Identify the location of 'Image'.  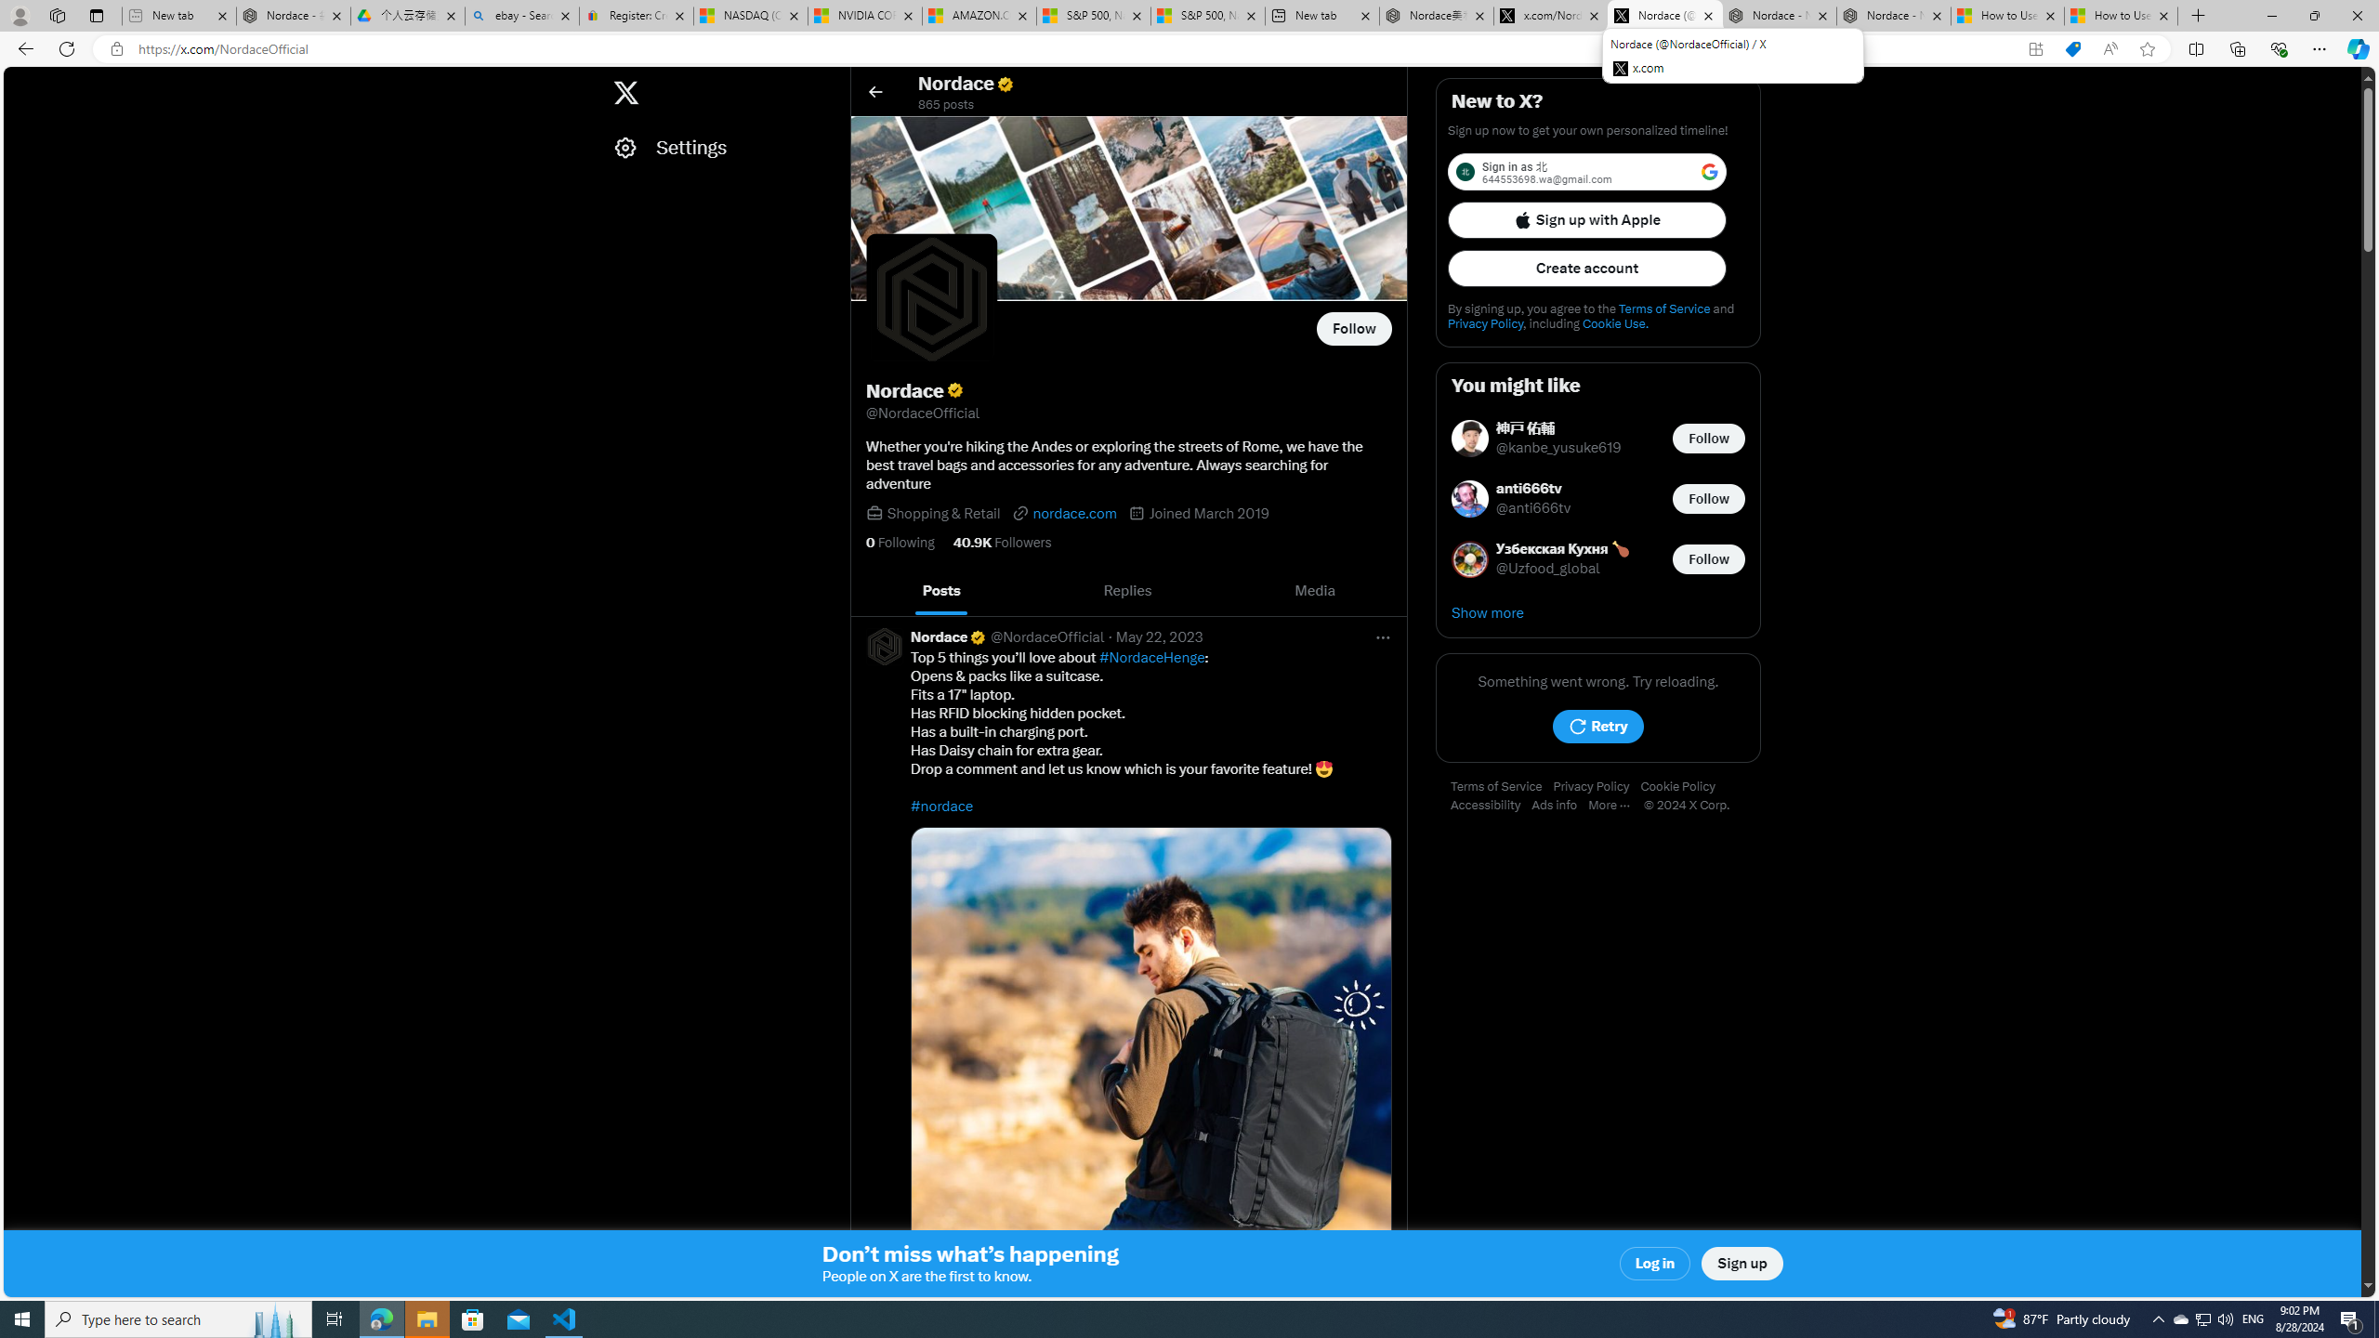
(1151, 1067).